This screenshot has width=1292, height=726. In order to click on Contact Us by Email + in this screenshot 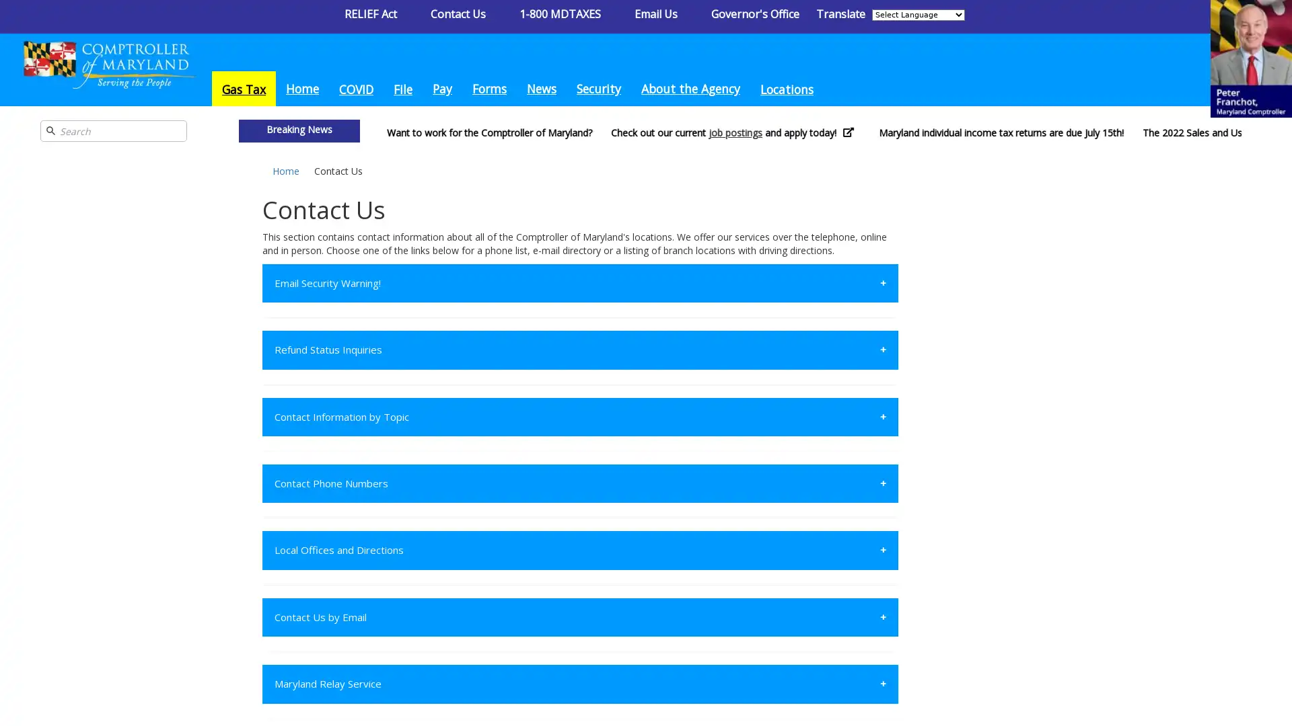, I will do `click(580, 617)`.